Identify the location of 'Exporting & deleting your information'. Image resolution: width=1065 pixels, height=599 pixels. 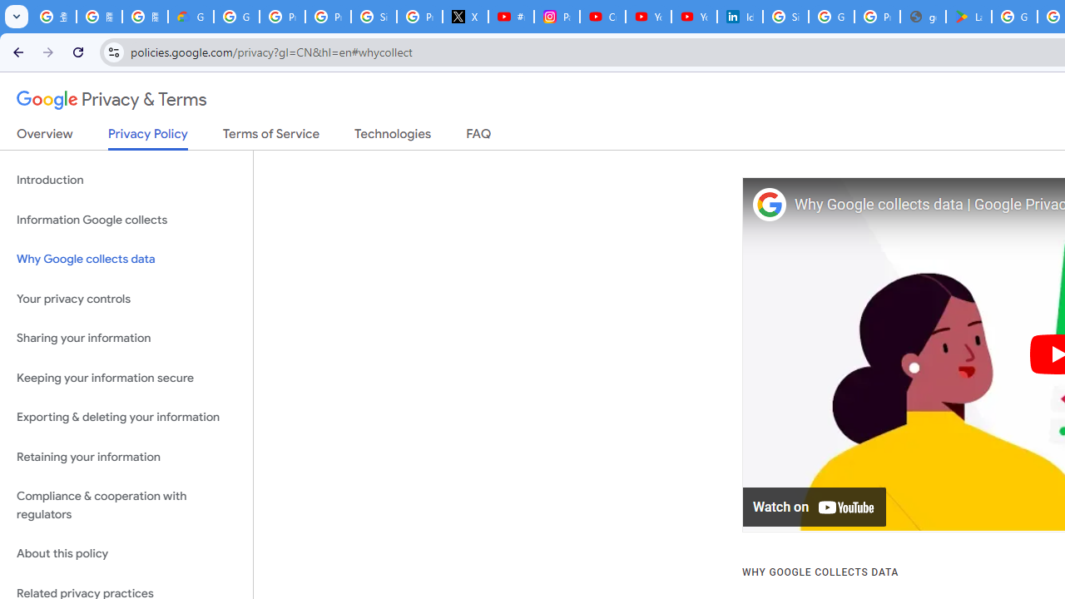
(126, 417).